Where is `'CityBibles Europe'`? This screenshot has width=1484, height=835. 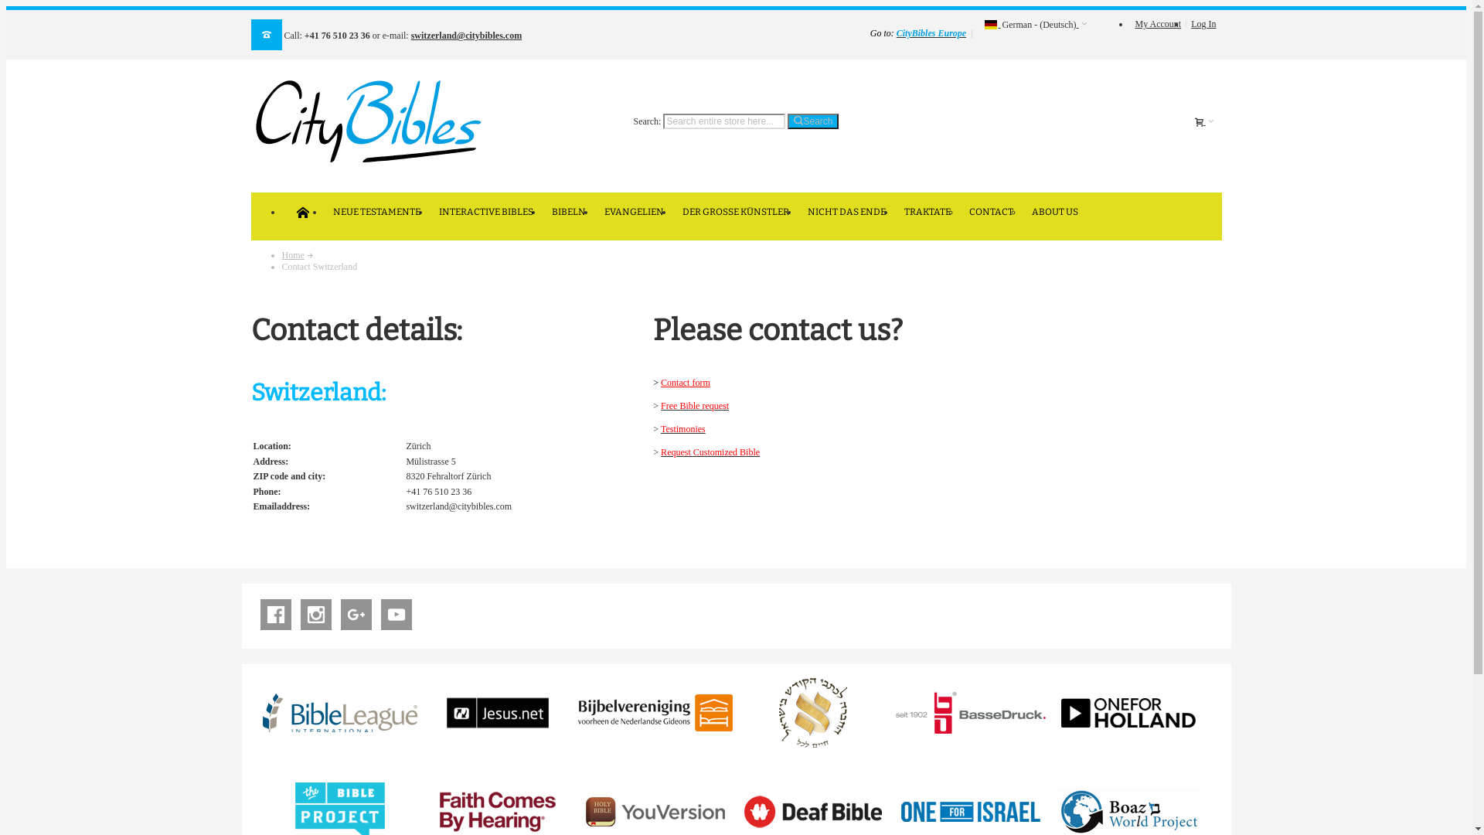 'CityBibles Europe' is located at coordinates (930, 32).